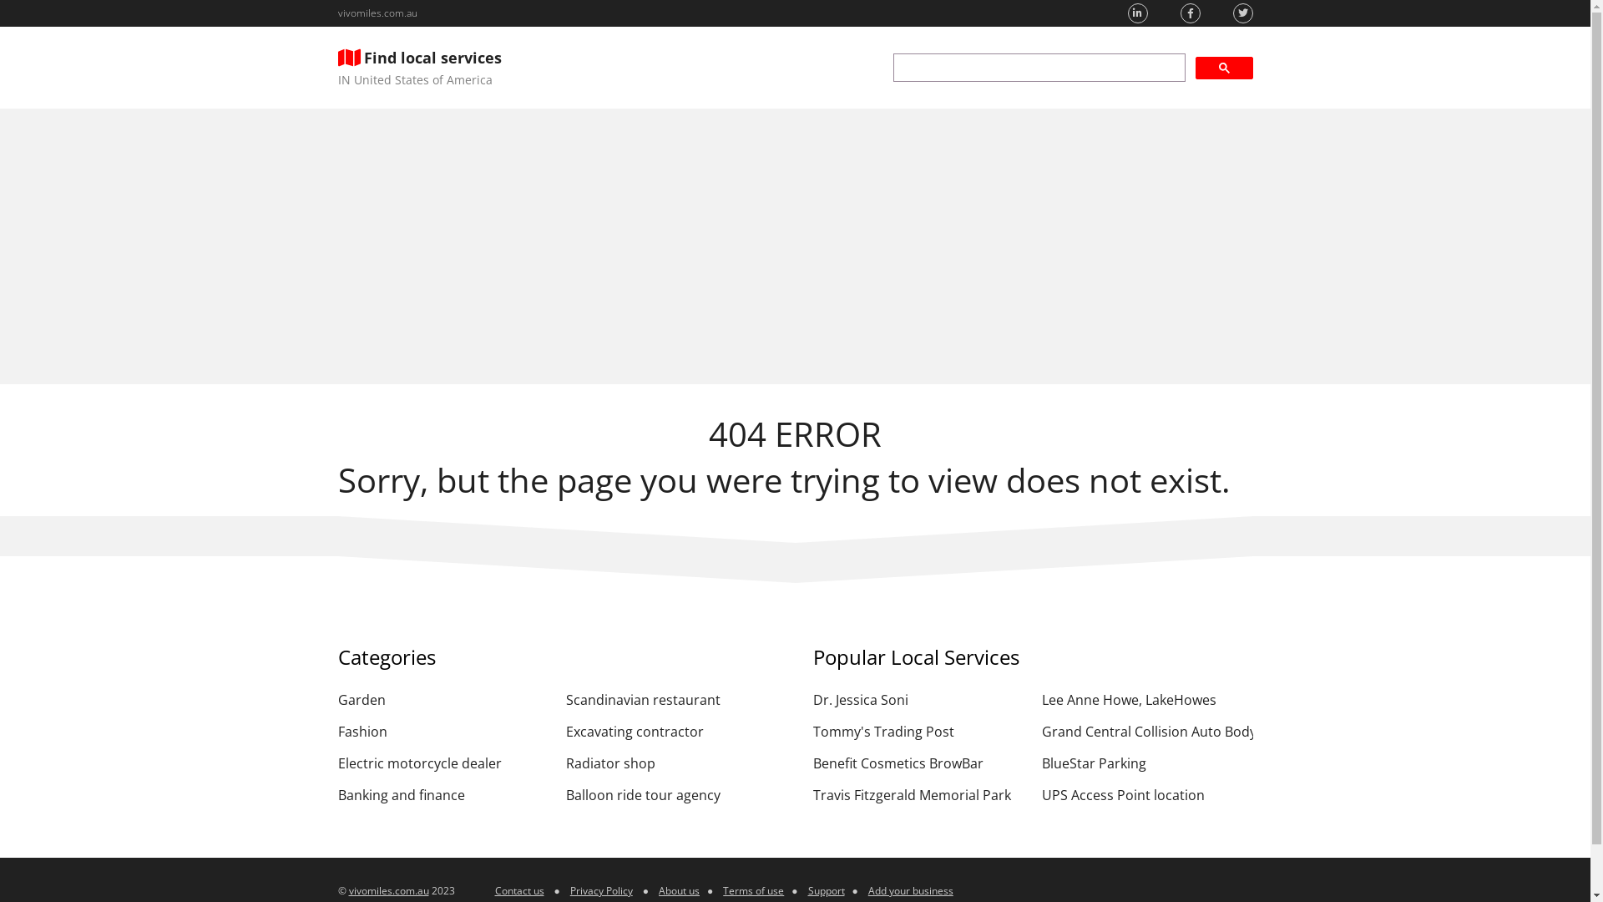 This screenshot has height=902, width=1603. Describe the element at coordinates (442, 794) in the screenshot. I see `'Banking and finance'` at that location.